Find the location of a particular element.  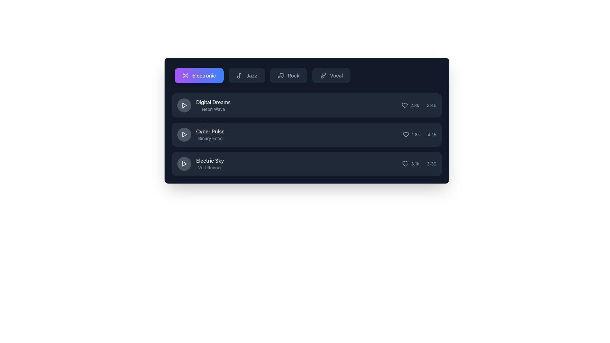

the minimalist gray musical note icon located to the left of the 'Rock' category button is located at coordinates (280, 75).